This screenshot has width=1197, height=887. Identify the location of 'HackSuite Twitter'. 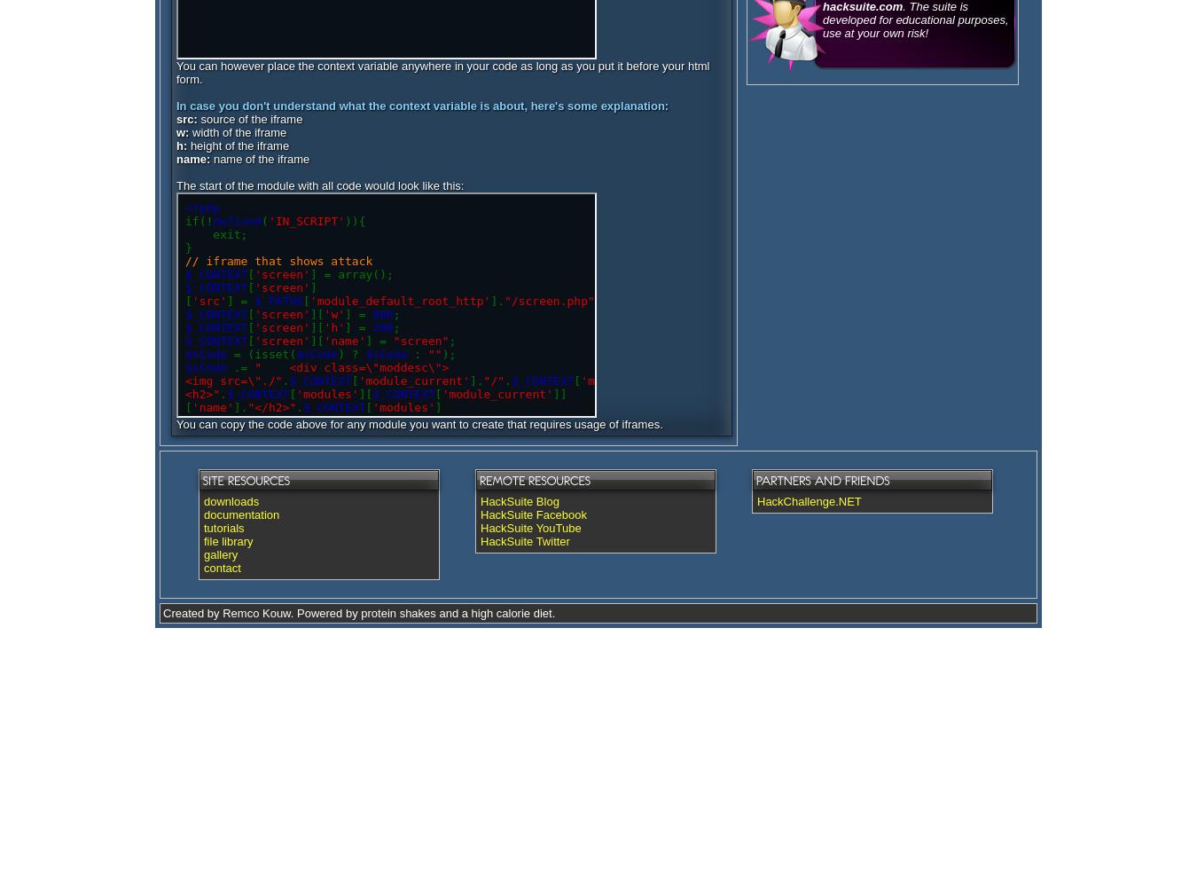
(480, 540).